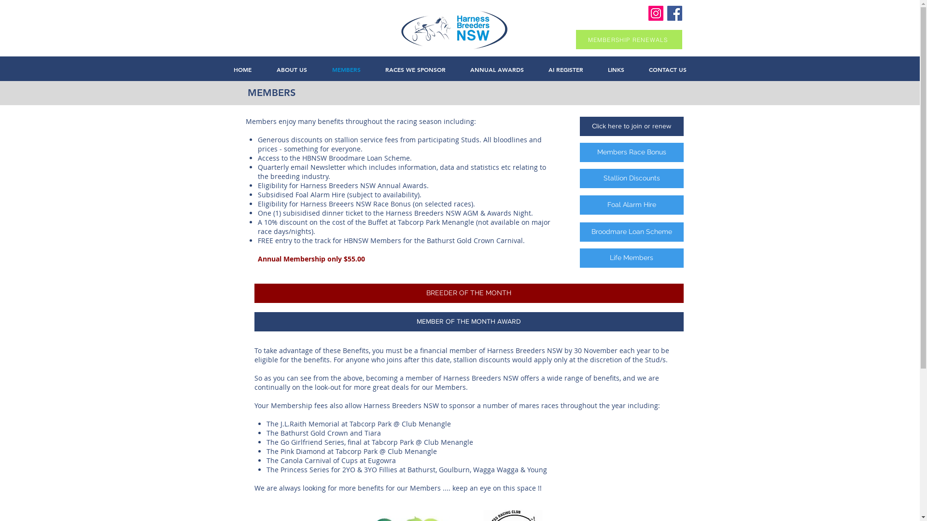  Describe the element at coordinates (415, 69) in the screenshot. I see `'RACES WE SPONSOR'` at that location.